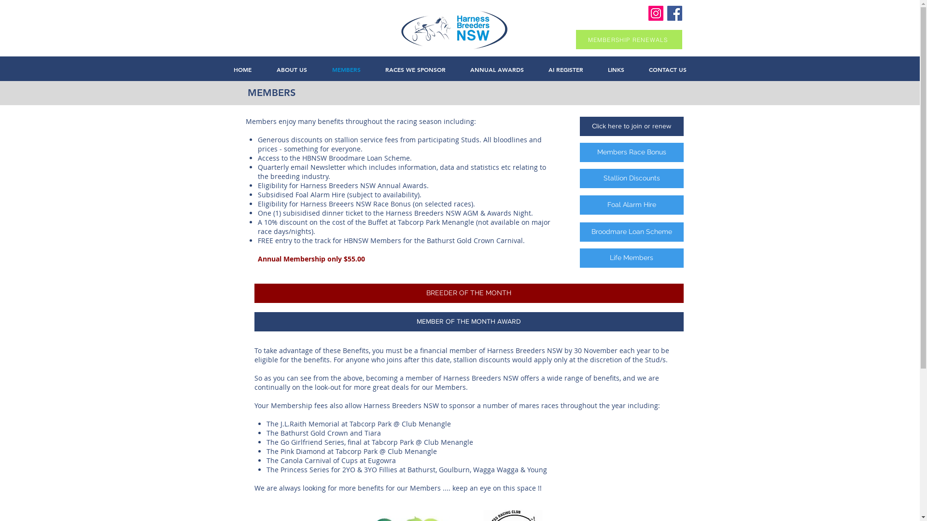  Describe the element at coordinates (415, 69) in the screenshot. I see `'RACES WE SPONSOR'` at that location.